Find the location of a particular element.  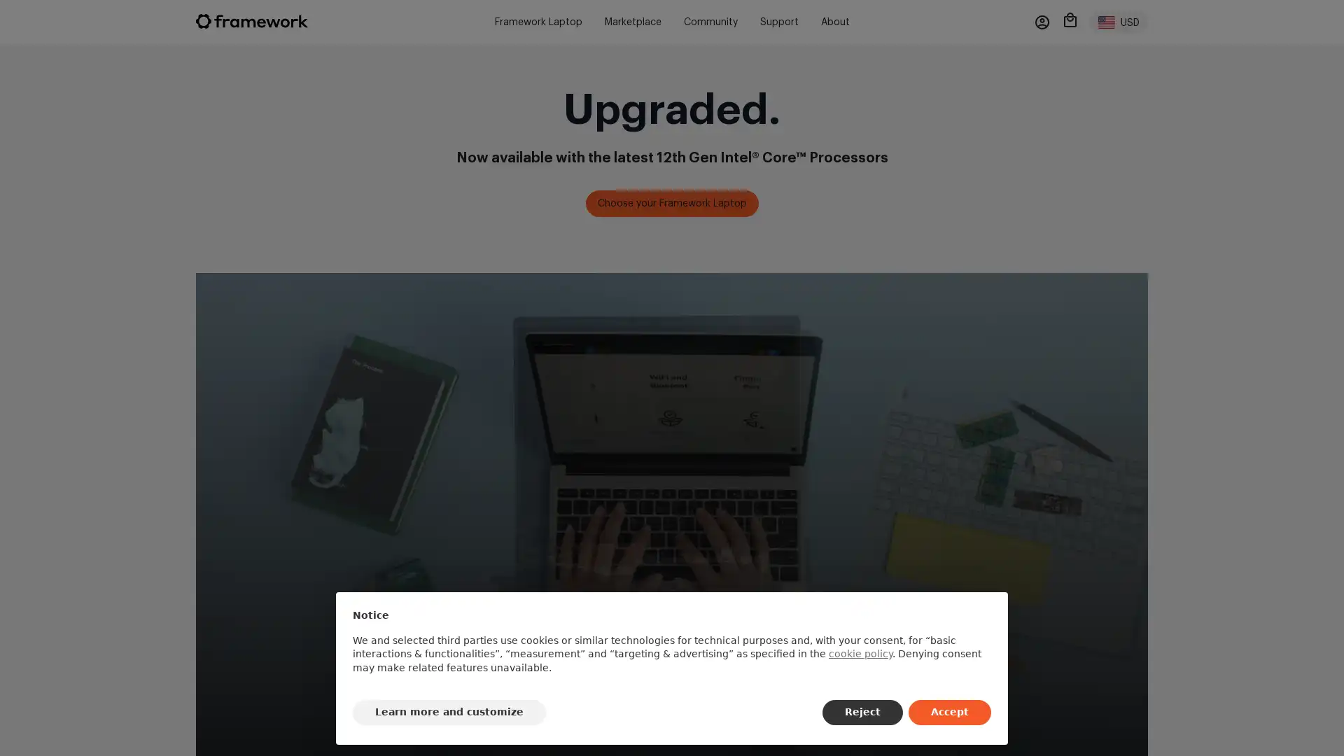

Reject is located at coordinates (862, 713).